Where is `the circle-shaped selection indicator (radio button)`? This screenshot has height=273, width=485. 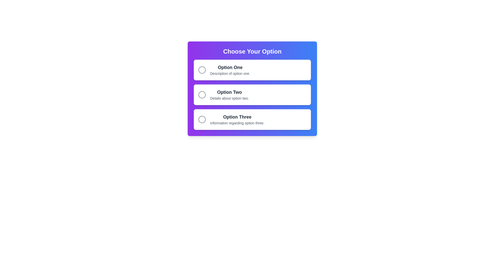
the circle-shaped selection indicator (radio button) is located at coordinates (202, 70).